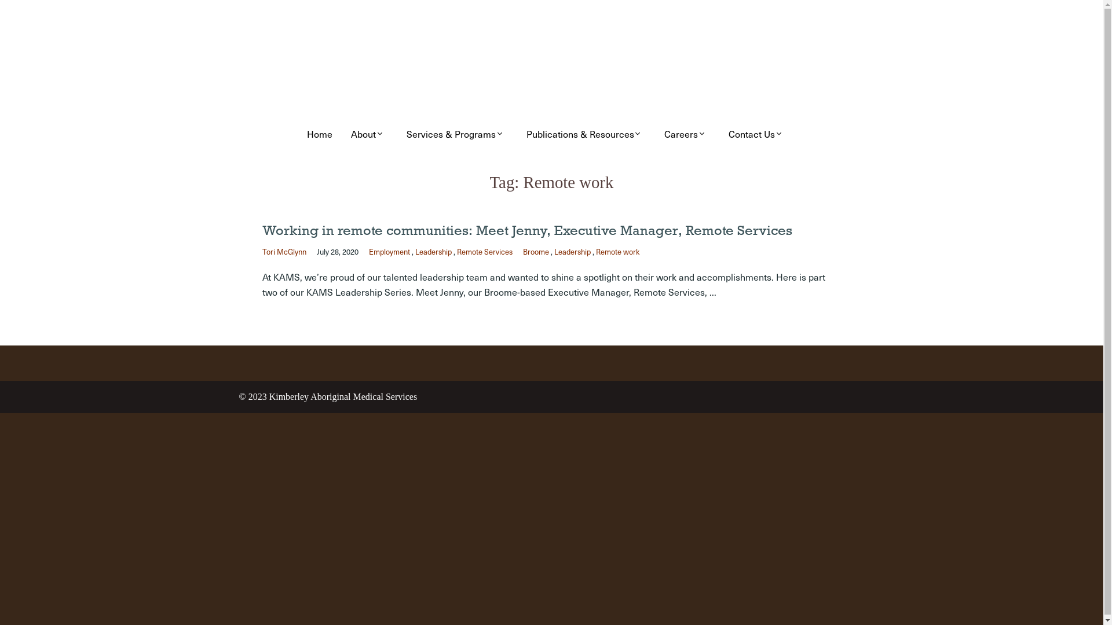 Image resolution: width=1112 pixels, height=625 pixels. What do you see at coordinates (432, 251) in the screenshot?
I see `'Leadership'` at bounding box center [432, 251].